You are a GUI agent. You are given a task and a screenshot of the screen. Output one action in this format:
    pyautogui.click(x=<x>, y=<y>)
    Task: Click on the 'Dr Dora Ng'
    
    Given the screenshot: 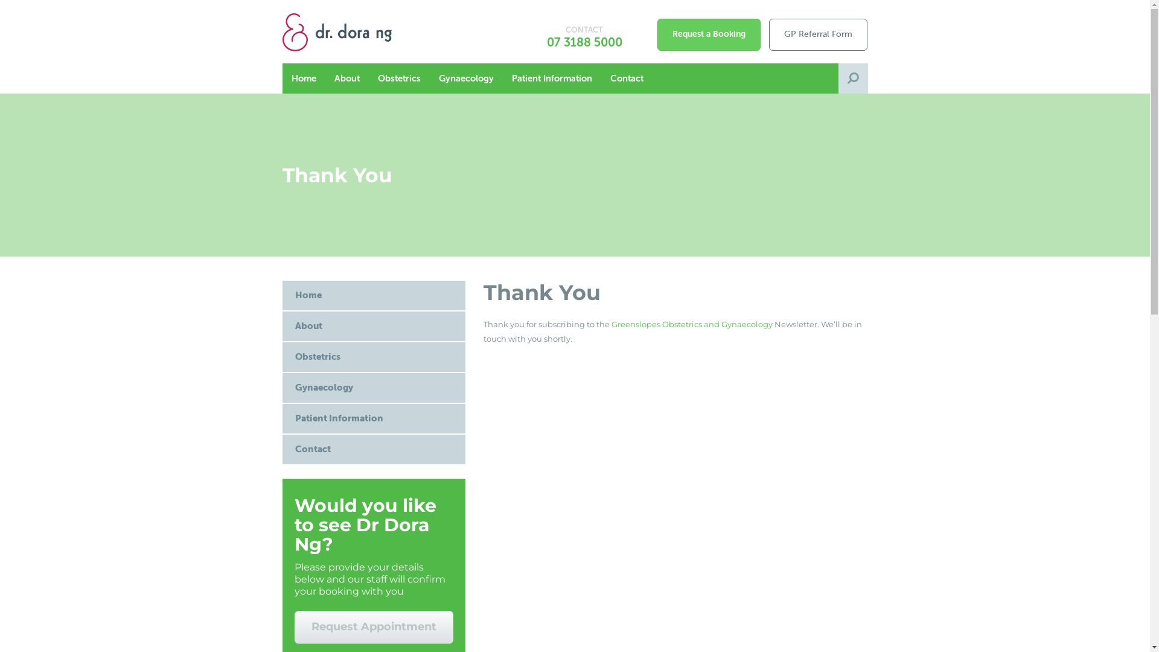 What is the action you would take?
    pyautogui.click(x=353, y=30)
    